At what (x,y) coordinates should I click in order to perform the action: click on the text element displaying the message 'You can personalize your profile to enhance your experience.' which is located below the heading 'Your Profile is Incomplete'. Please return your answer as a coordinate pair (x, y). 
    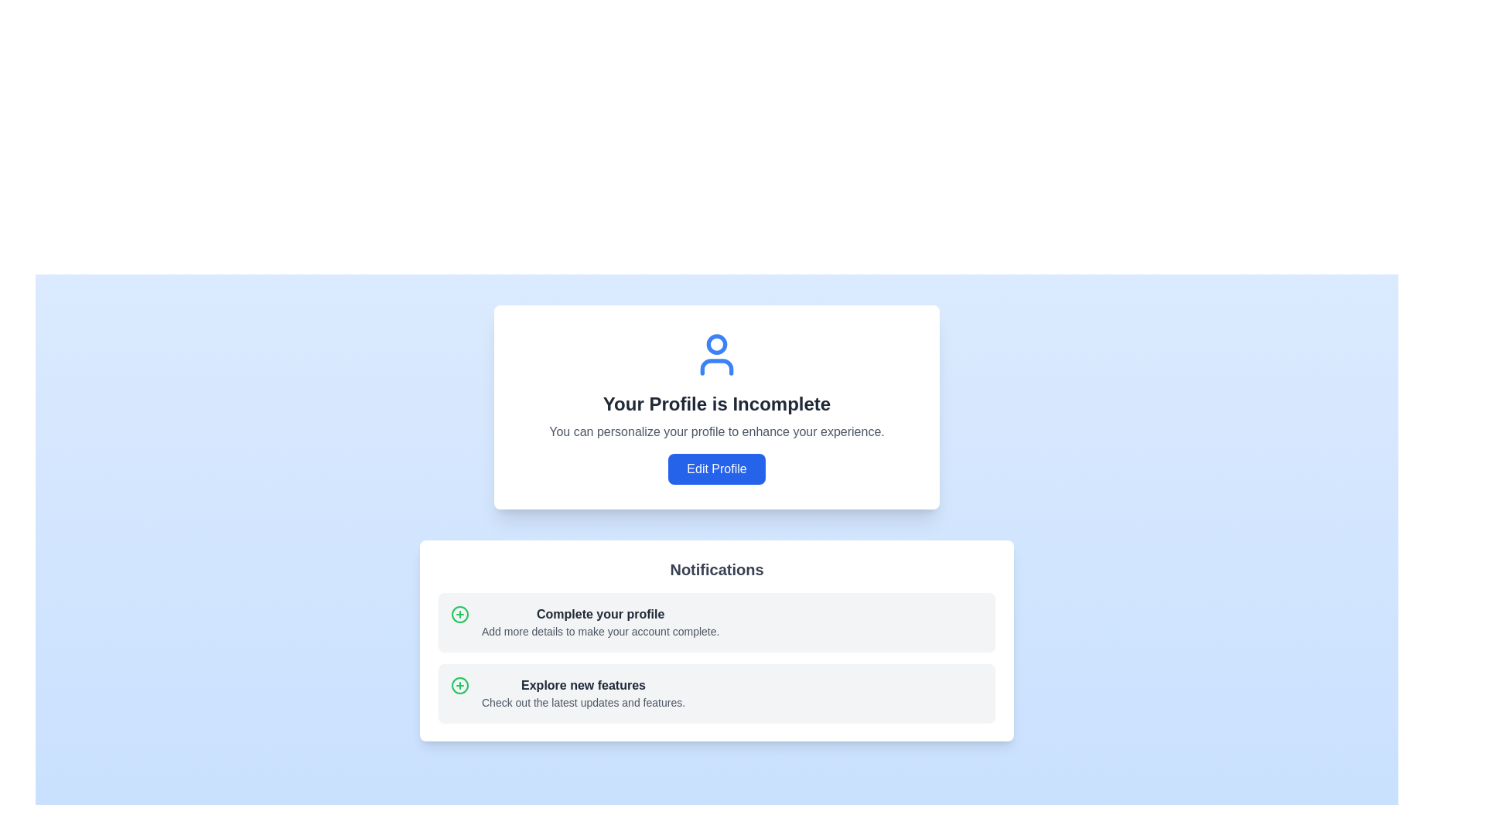
    Looking at the image, I should click on (715, 432).